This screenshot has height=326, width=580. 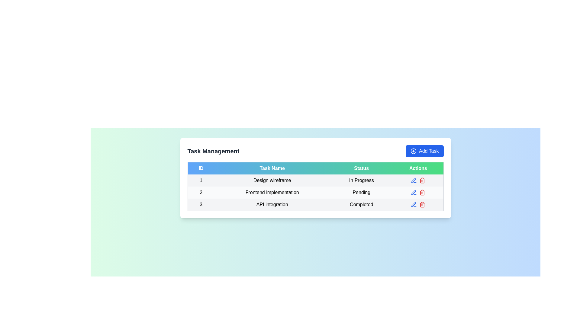 I want to click on the static text label displaying 'Design wireframe' located in the second cell of the first row under the 'Task Name' column, aligned with the identifier '1' from the 'ID' column, so click(x=272, y=180).